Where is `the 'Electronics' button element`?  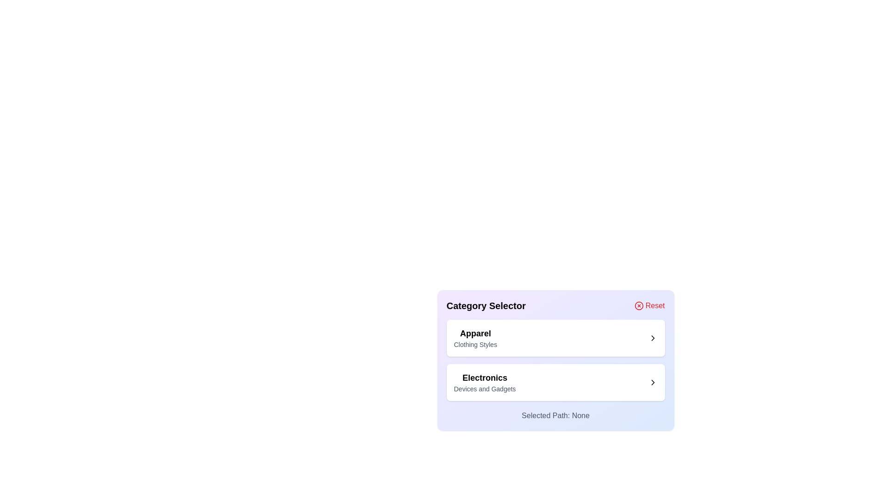
the 'Electronics' button element is located at coordinates (555, 383).